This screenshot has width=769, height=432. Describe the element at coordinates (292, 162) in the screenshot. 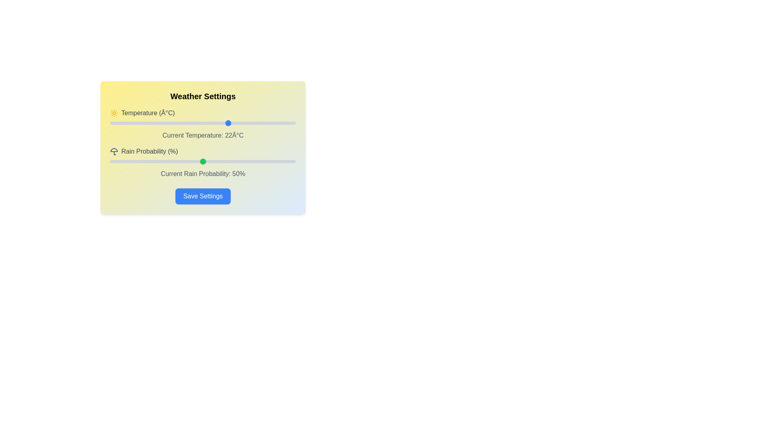

I see `the rain probability slider to 98%` at that location.